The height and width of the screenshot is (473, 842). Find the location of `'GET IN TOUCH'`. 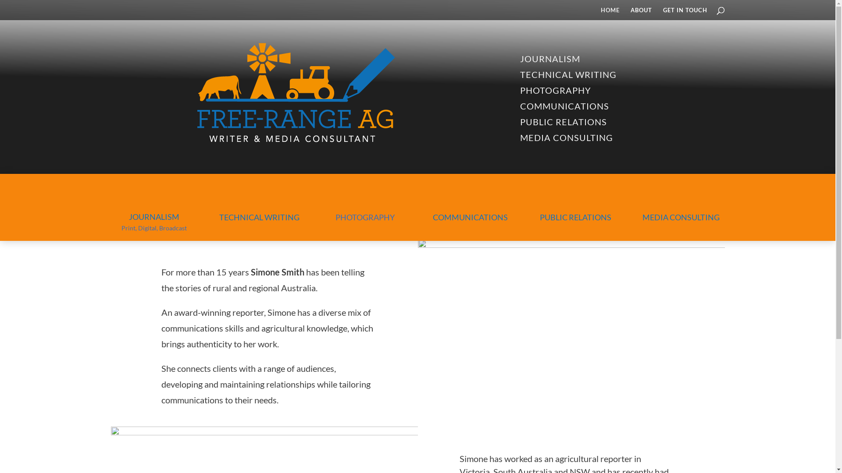

'GET IN TOUCH' is located at coordinates (685, 13).